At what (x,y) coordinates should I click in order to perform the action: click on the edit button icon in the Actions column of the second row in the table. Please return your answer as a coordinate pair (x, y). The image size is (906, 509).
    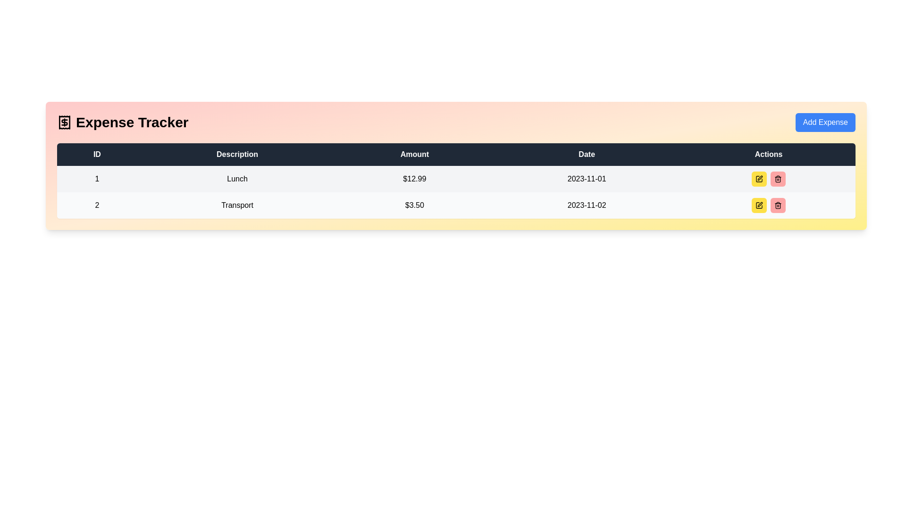
    Looking at the image, I should click on (760, 178).